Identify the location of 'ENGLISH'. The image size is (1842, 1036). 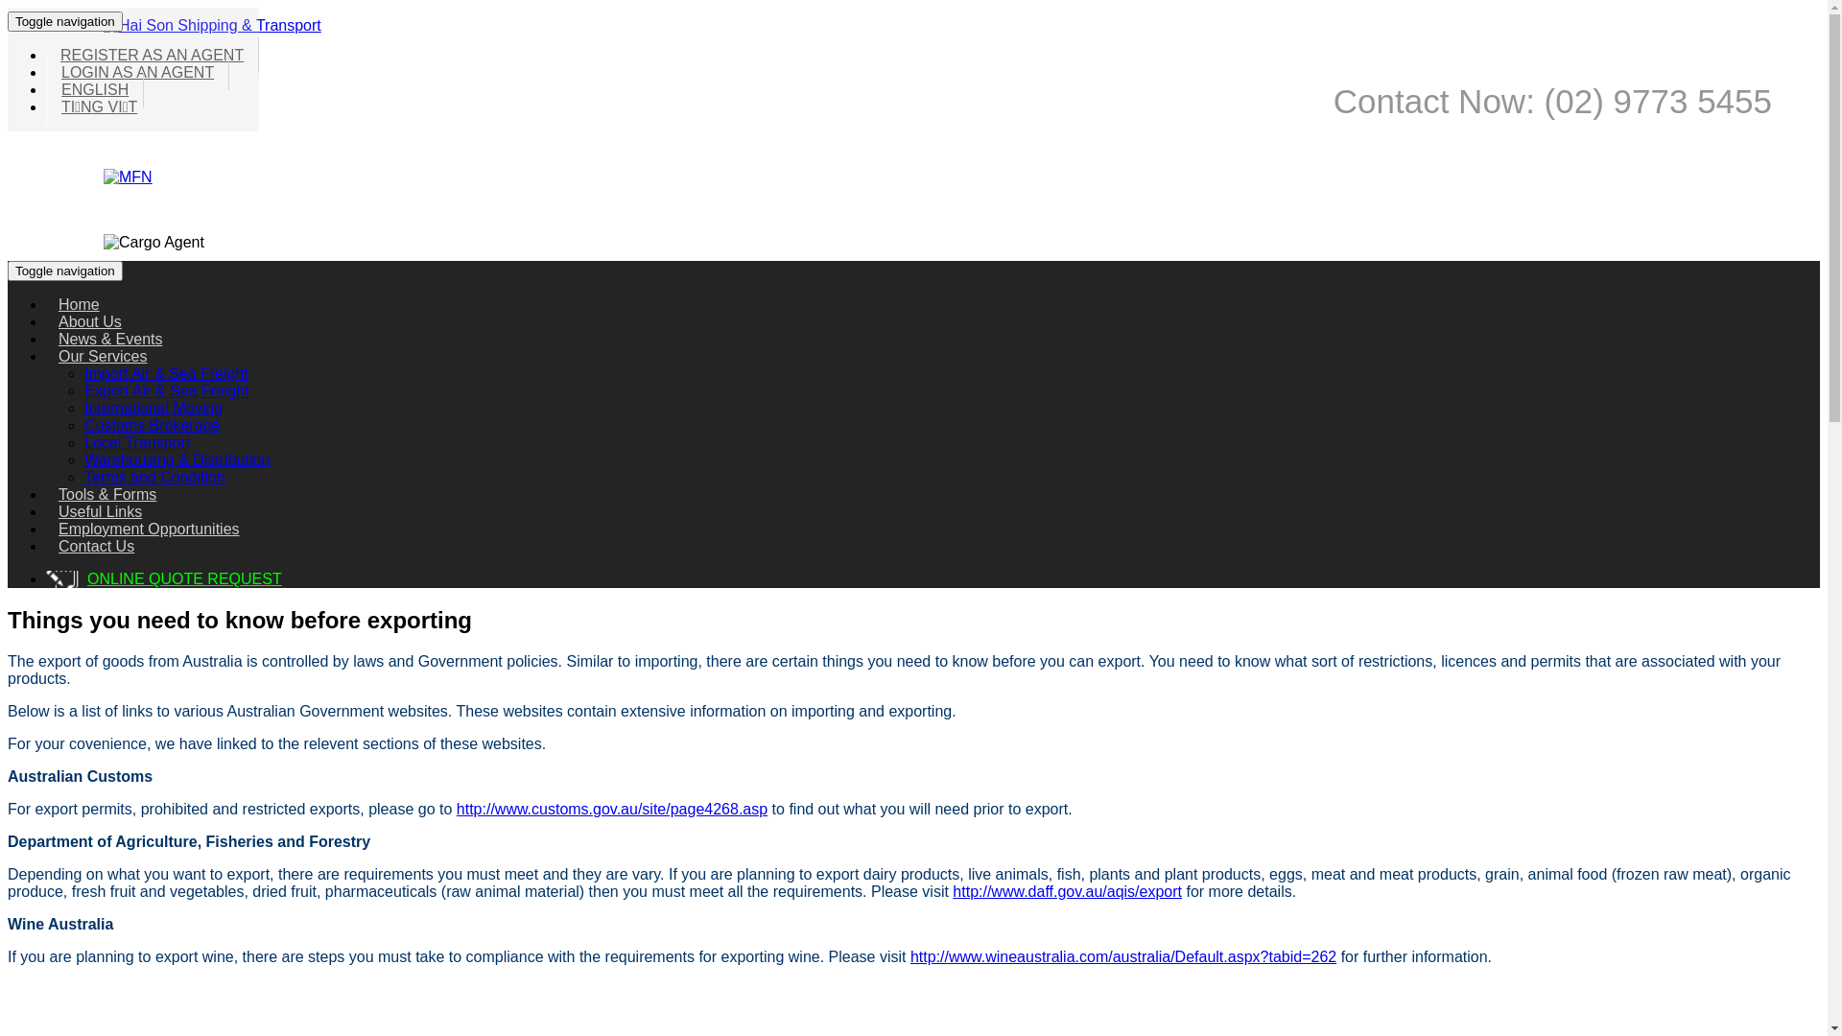
(94, 89).